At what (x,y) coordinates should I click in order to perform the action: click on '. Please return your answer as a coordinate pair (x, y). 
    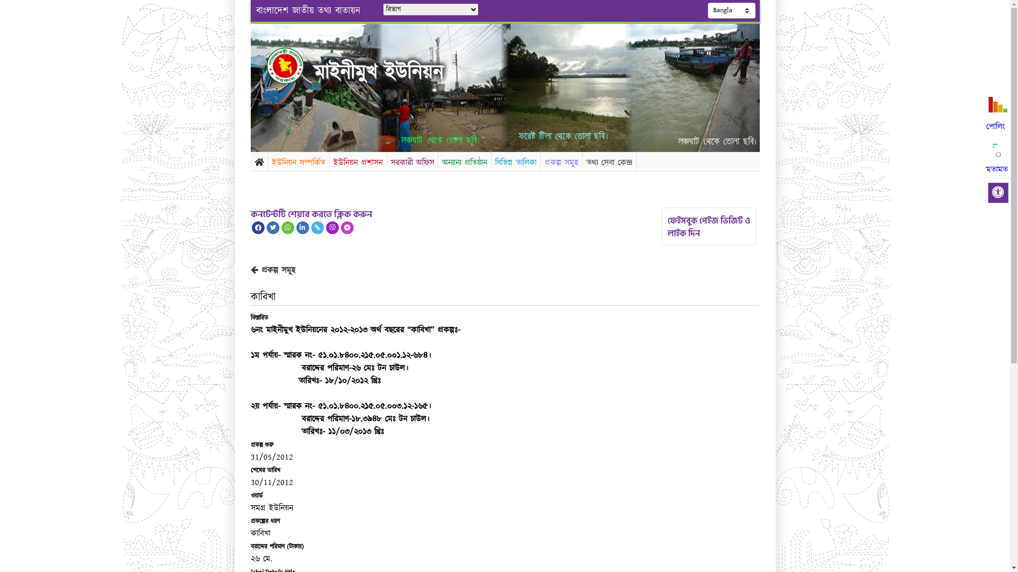
    Looking at the image, I should click on (294, 65).